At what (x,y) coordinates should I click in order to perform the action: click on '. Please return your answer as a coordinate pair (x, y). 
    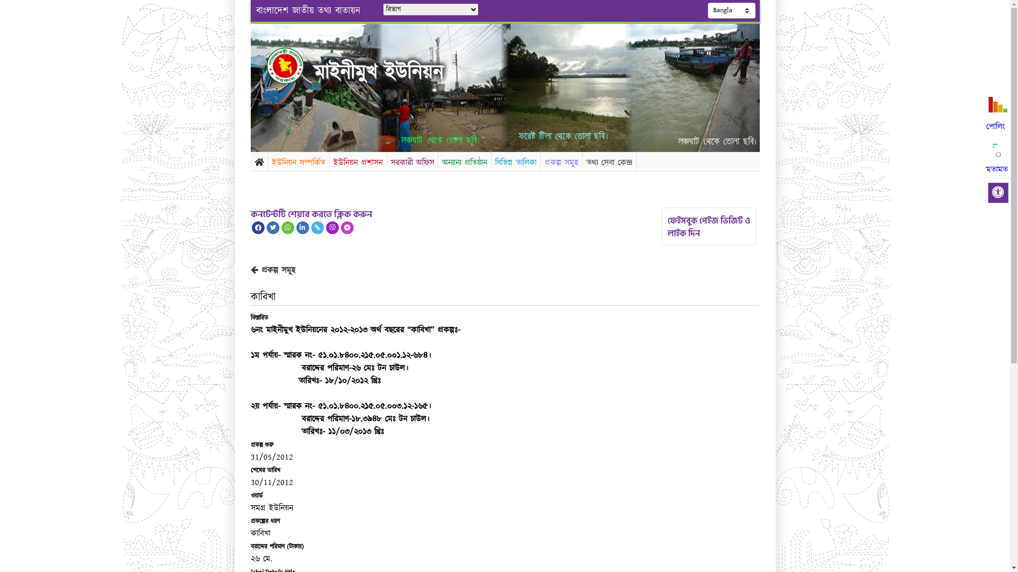
    Looking at the image, I should click on (294, 65).